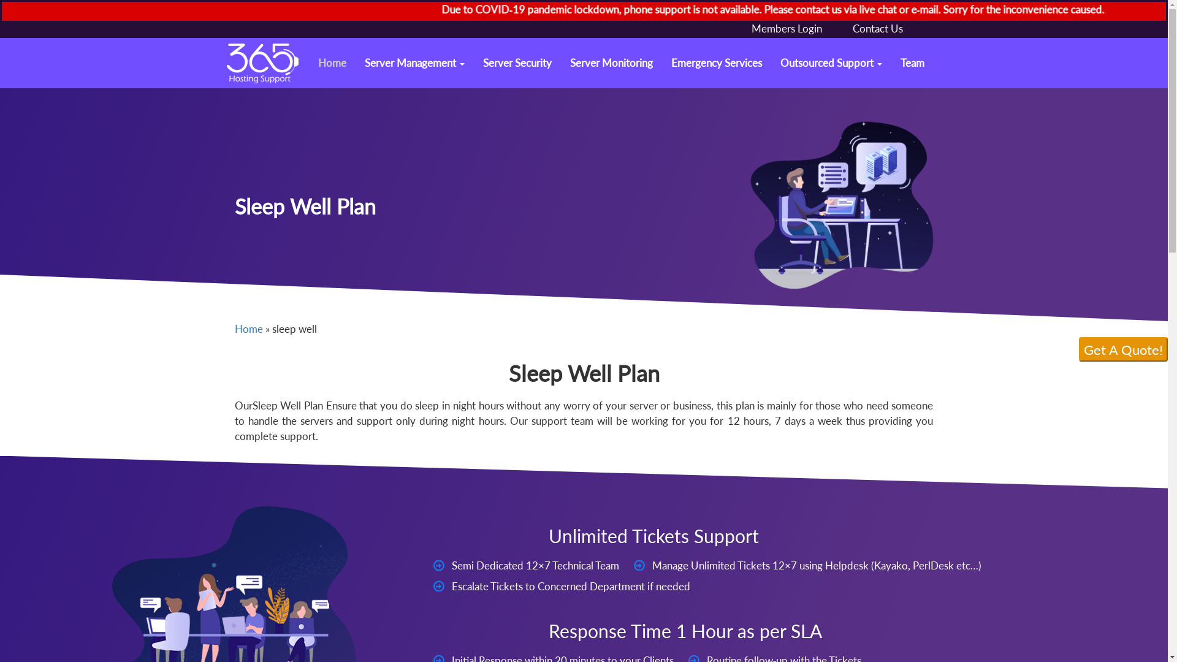  What do you see at coordinates (750, 28) in the screenshot?
I see `'Members Login'` at bounding box center [750, 28].